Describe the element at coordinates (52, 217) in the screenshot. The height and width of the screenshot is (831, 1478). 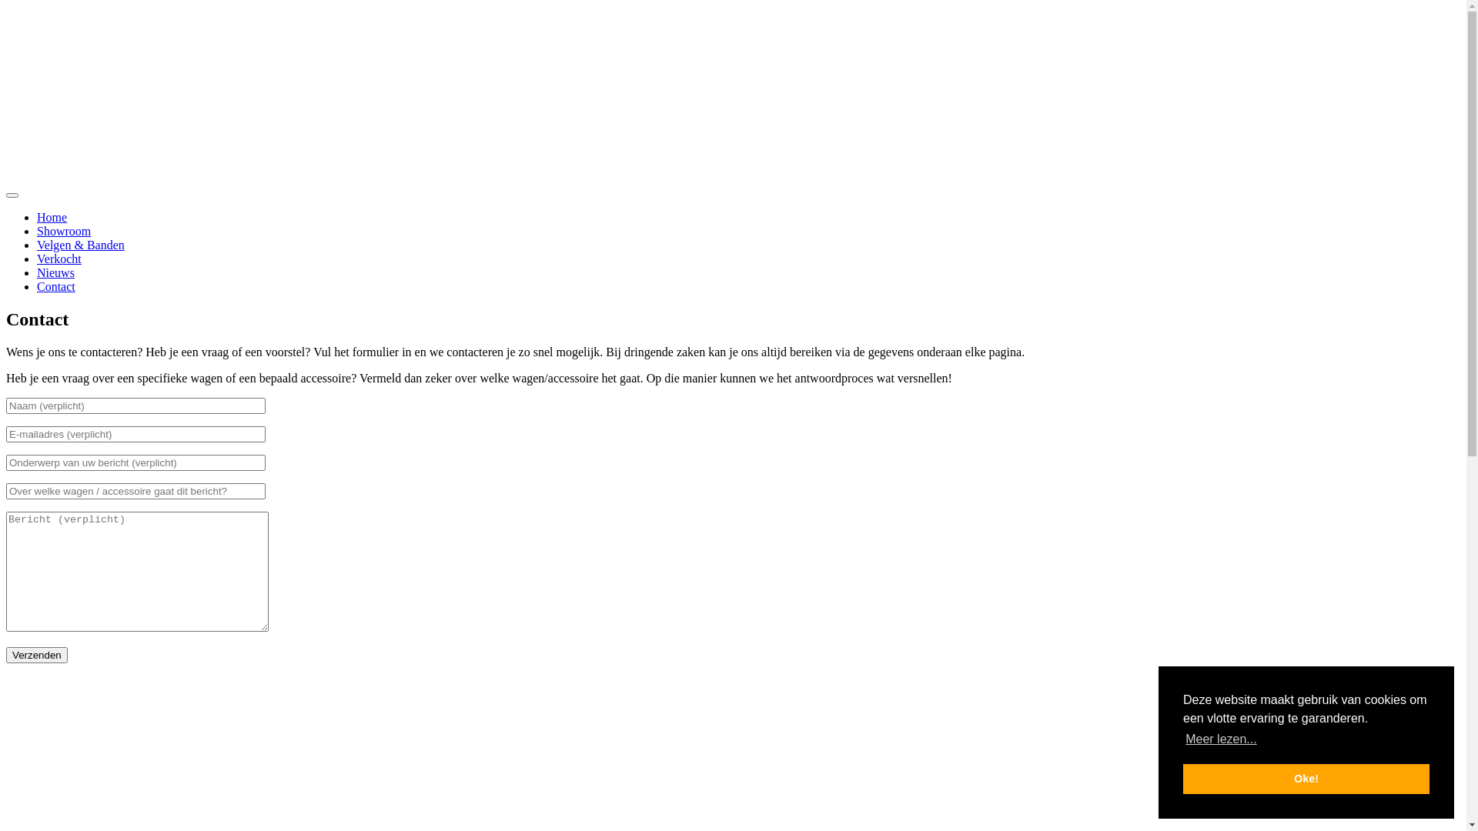
I see `'Home'` at that location.